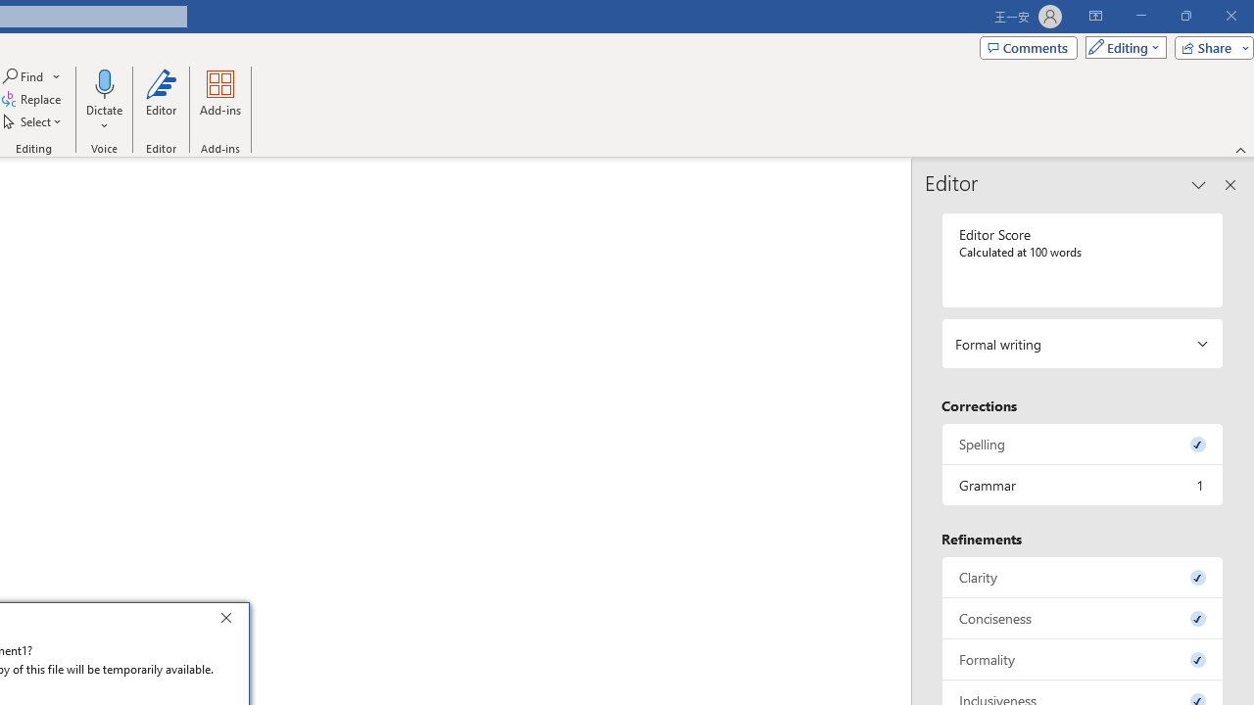  I want to click on 'Ribbon Display Options', so click(1094, 16).